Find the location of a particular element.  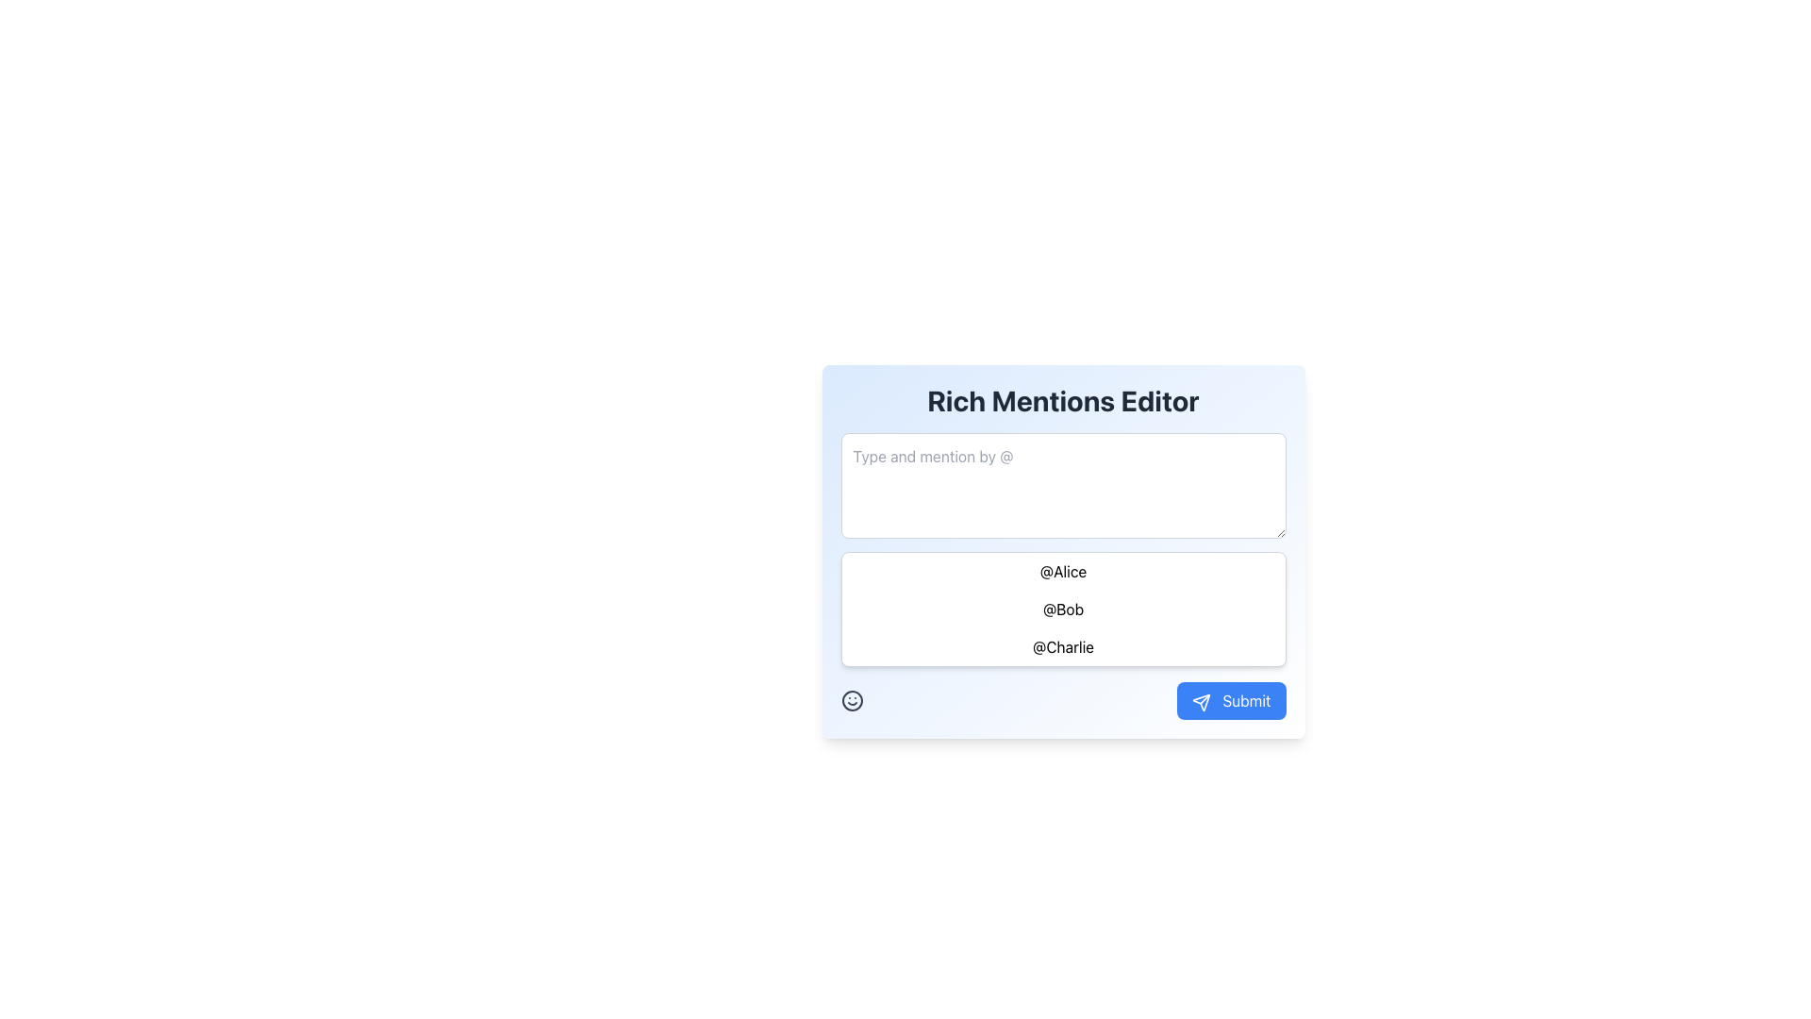

the first mention suggestion option '@Alice' in the list below the input box labeled 'Type and mention by @' is located at coordinates (1063, 570).